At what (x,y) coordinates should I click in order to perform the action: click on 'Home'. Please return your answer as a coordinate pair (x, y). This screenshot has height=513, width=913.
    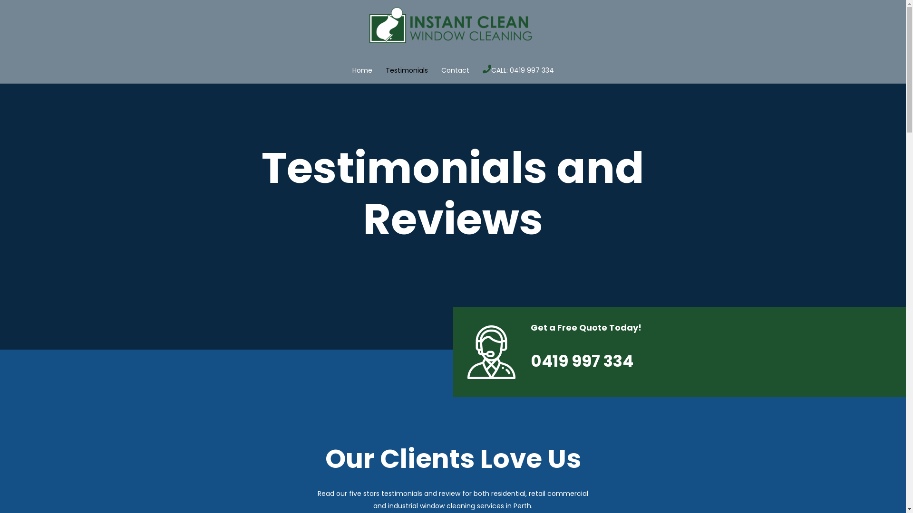
    Looking at the image, I should click on (344, 69).